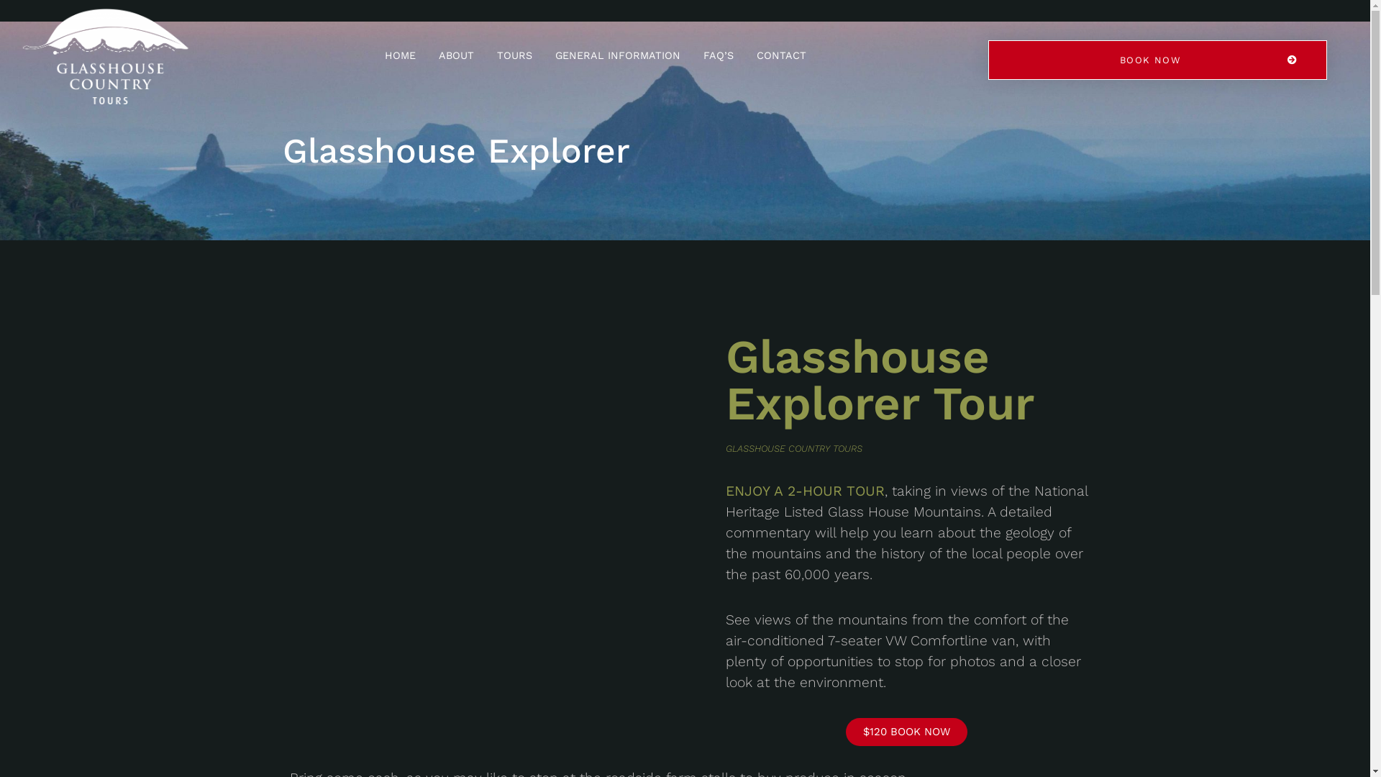  What do you see at coordinates (1157, 59) in the screenshot?
I see `'BOOK NOW'` at bounding box center [1157, 59].